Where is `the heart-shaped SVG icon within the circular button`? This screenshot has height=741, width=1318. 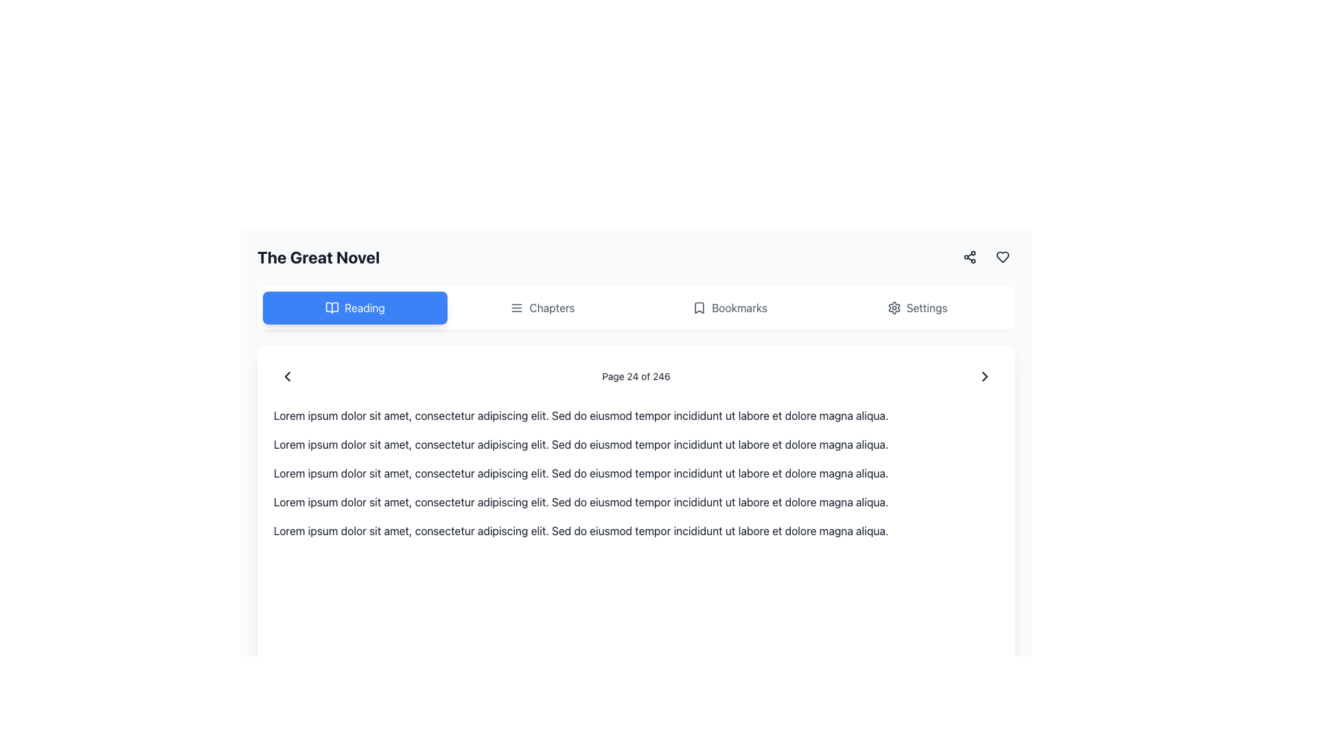
the heart-shaped SVG icon within the circular button is located at coordinates (1002, 257).